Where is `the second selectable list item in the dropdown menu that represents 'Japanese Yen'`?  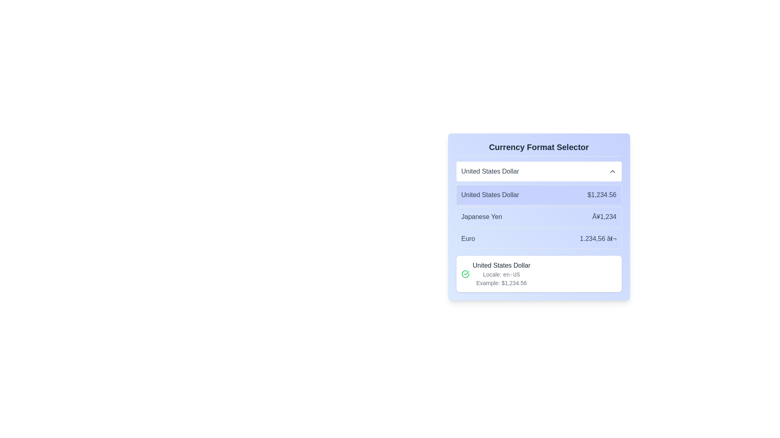
the second selectable list item in the dropdown menu that represents 'Japanese Yen' is located at coordinates (539, 217).